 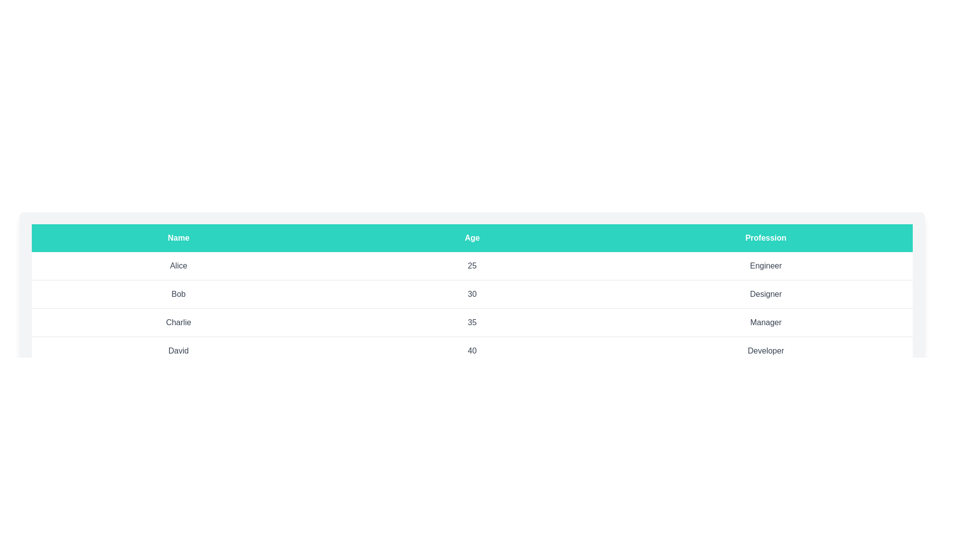 What do you see at coordinates (472, 350) in the screenshot?
I see `the text label displaying '40' under the 'Age' column in the table corresponding to 'David'` at bounding box center [472, 350].